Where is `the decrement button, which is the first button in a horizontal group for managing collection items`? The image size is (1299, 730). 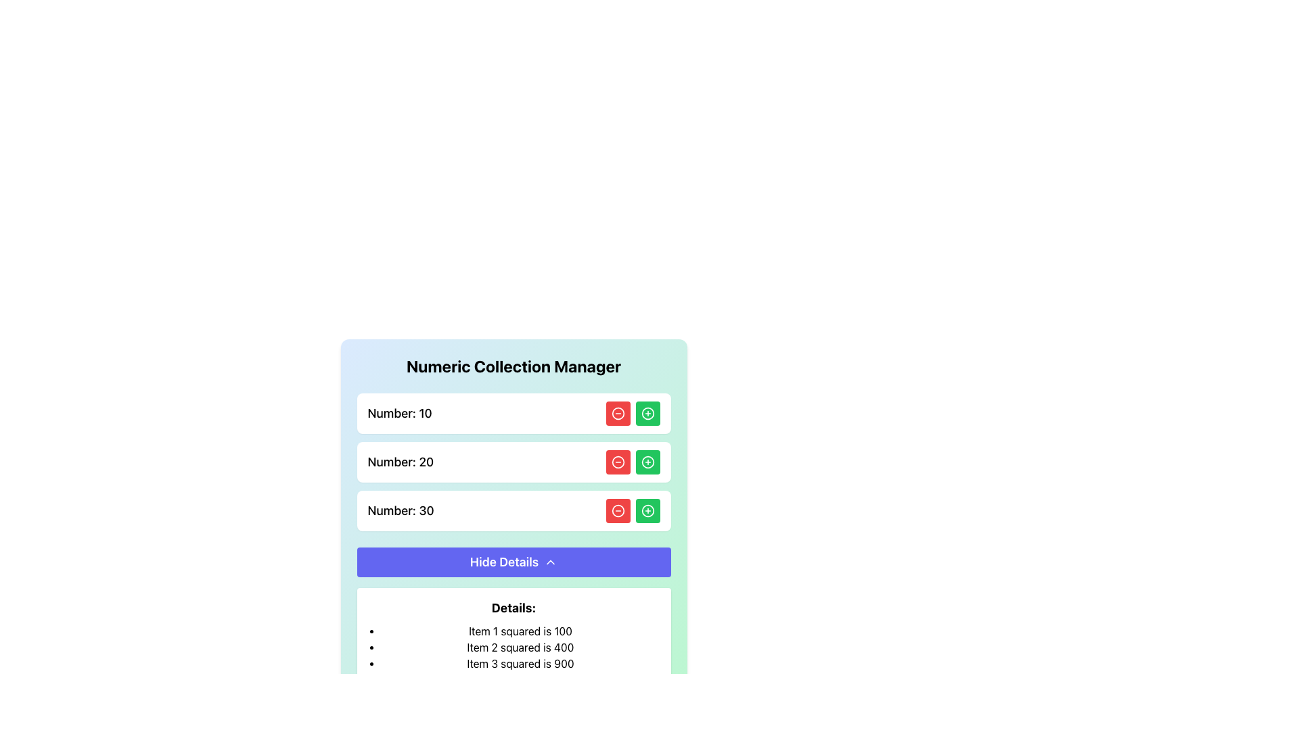 the decrement button, which is the first button in a horizontal group for managing collection items is located at coordinates (617, 413).